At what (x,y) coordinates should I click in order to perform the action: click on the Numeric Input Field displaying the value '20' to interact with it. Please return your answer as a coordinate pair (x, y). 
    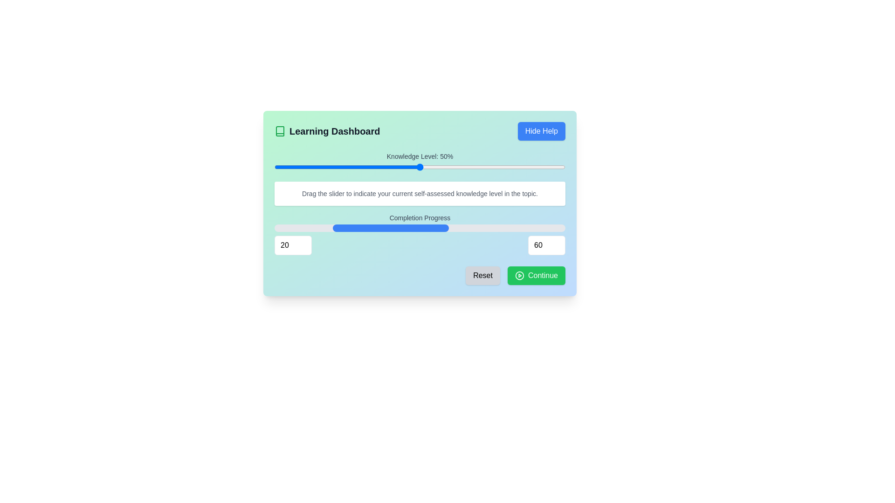
    Looking at the image, I should click on (292, 245).